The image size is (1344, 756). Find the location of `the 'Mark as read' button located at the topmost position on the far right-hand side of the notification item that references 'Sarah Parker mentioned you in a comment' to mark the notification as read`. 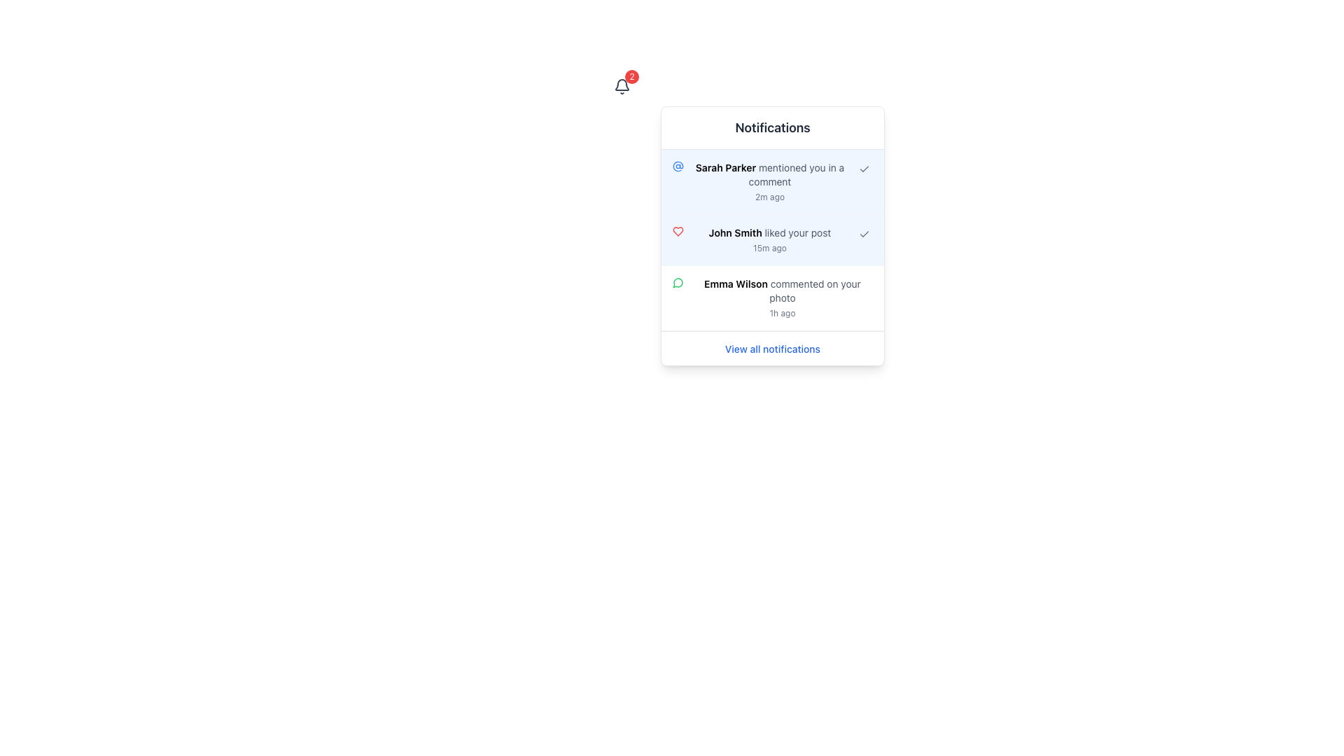

the 'Mark as read' button located at the topmost position on the far right-hand side of the notification item that references 'Sarah Parker mentioned you in a comment' to mark the notification as read is located at coordinates (863, 169).